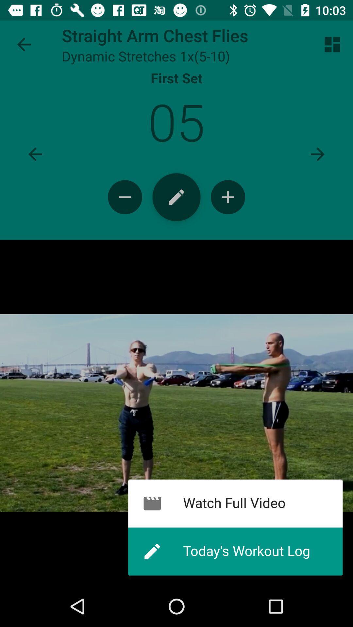  I want to click on change number of sets, so click(125, 197).